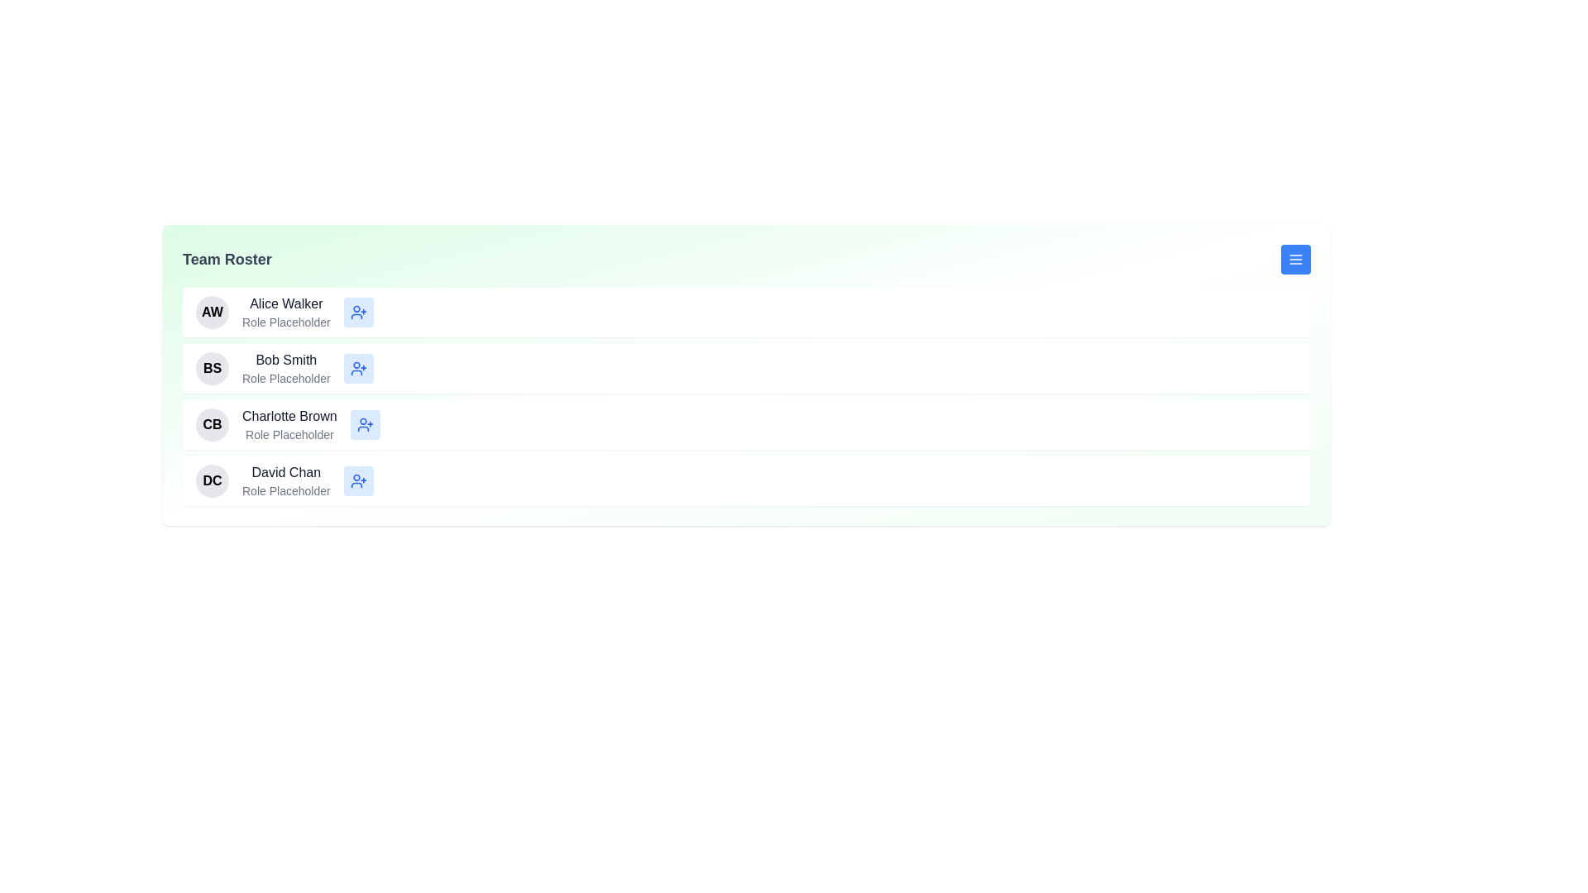  I want to click on the Text Display element that shows the name 'Charlotte Brown' in the 'Team Roster' section, which is positioned above 'David Chan' and below 'Bob Smith', so click(289, 416).